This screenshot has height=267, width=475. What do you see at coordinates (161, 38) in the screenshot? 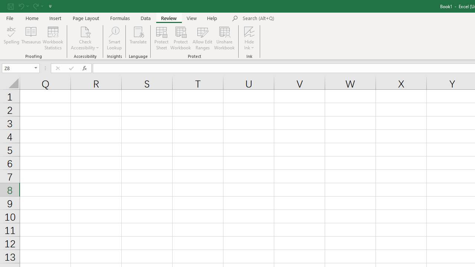
I see `'Protect Sheet...'` at bounding box center [161, 38].